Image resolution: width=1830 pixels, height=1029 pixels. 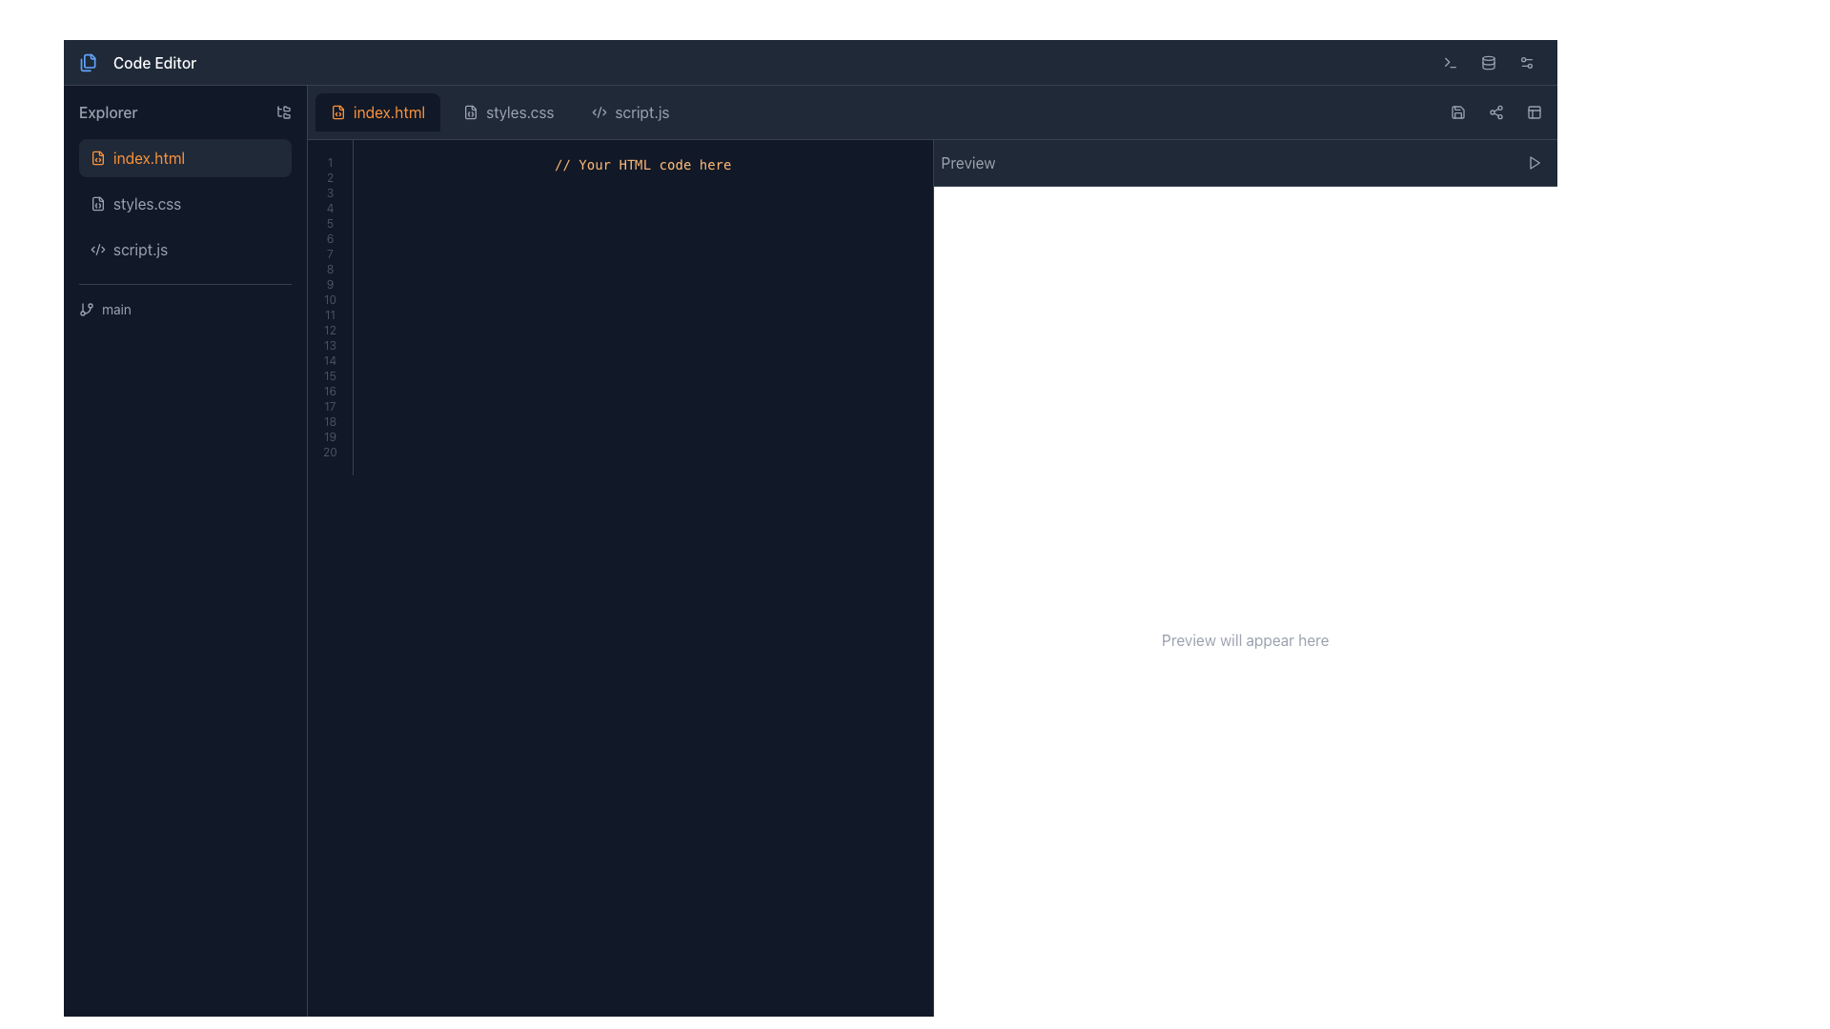 I want to click on the small gray folder tree icon located to the right of the 'Explorer' text, so click(x=282, y=112).